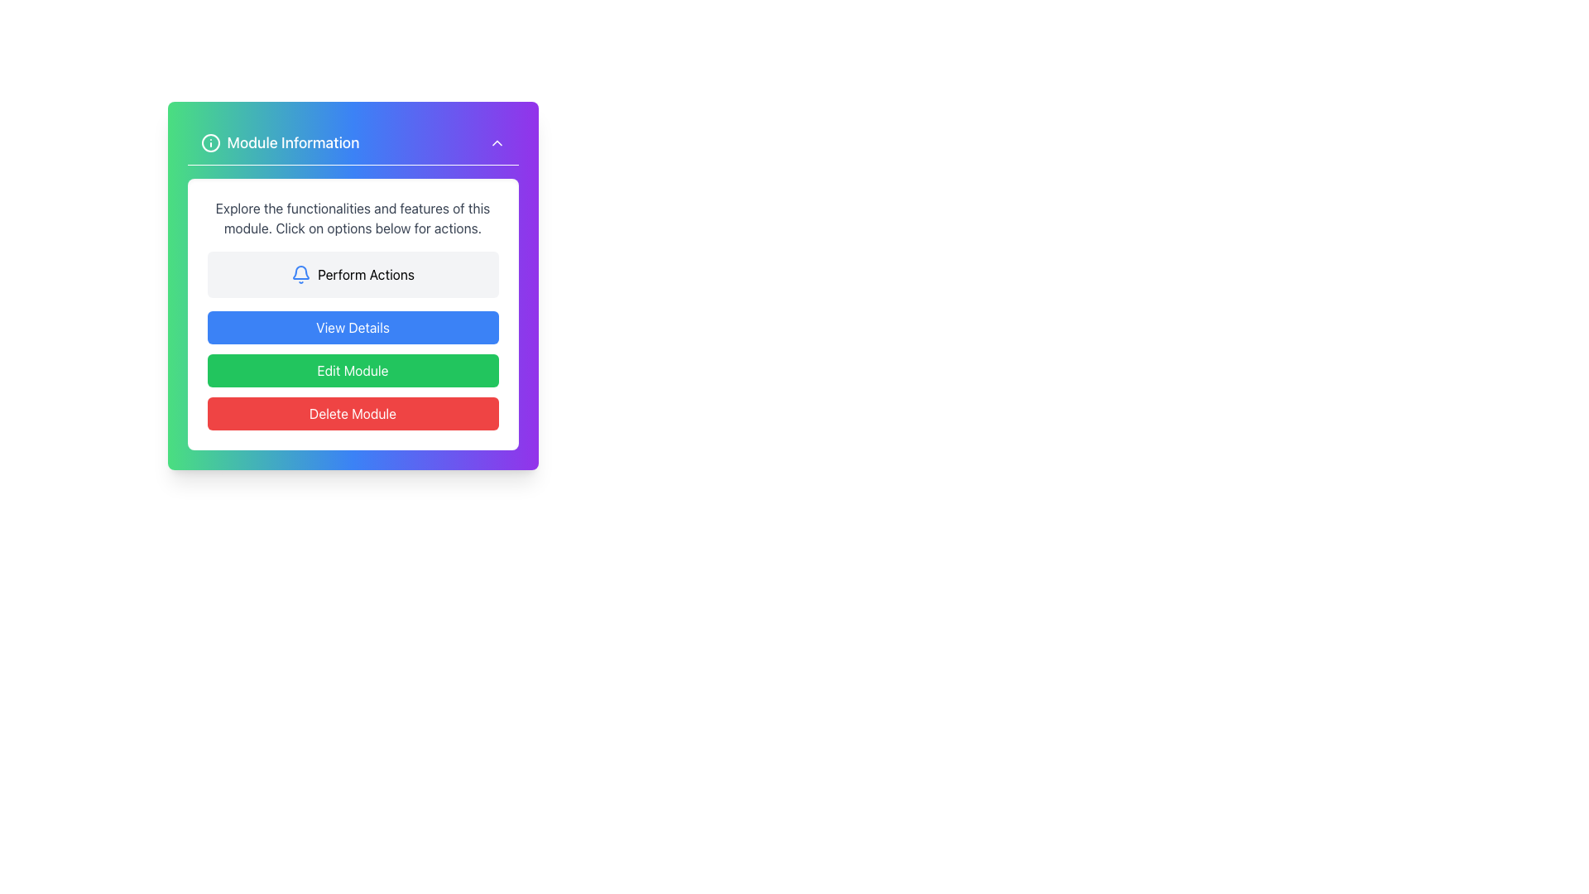 Image resolution: width=1589 pixels, height=894 pixels. I want to click on the interactive button with a notification bell icon and the text 'Perform Actions' to potentially reveal additional information, so click(352, 273).